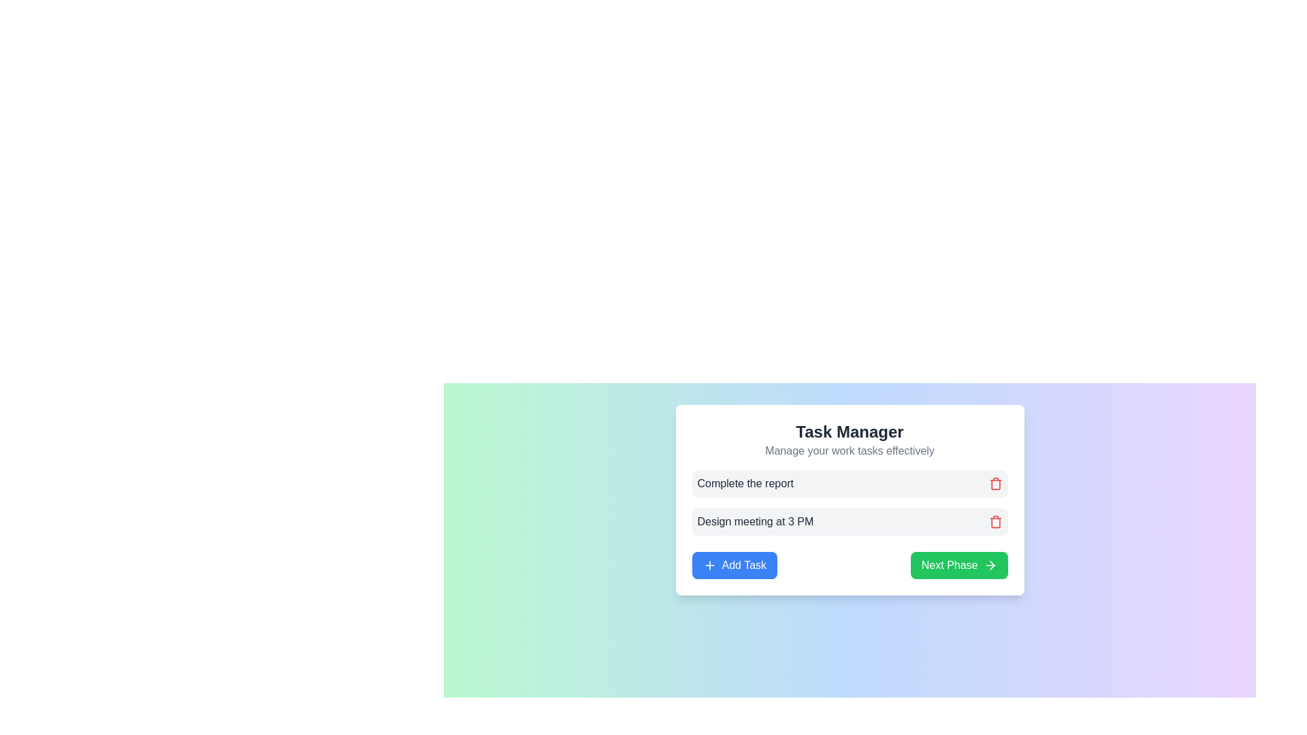 The width and height of the screenshot is (1307, 735). What do you see at coordinates (849, 503) in the screenshot?
I see `the red trash icon in the Task List` at bounding box center [849, 503].